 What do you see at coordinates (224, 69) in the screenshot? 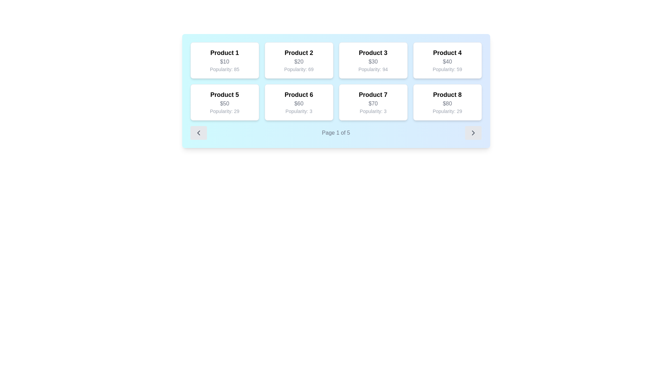
I see `the text displaying 'Popularity: 85', which is styled in a smaller, gray font and located under 'Product 1' and its price` at bounding box center [224, 69].